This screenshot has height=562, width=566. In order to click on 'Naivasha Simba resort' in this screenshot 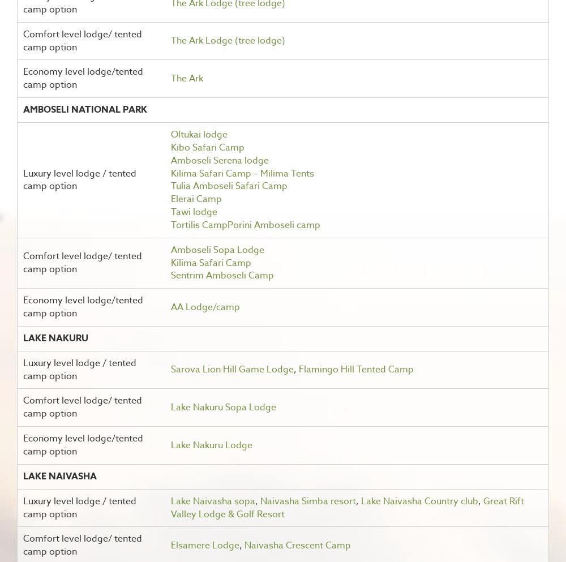, I will do `click(307, 500)`.